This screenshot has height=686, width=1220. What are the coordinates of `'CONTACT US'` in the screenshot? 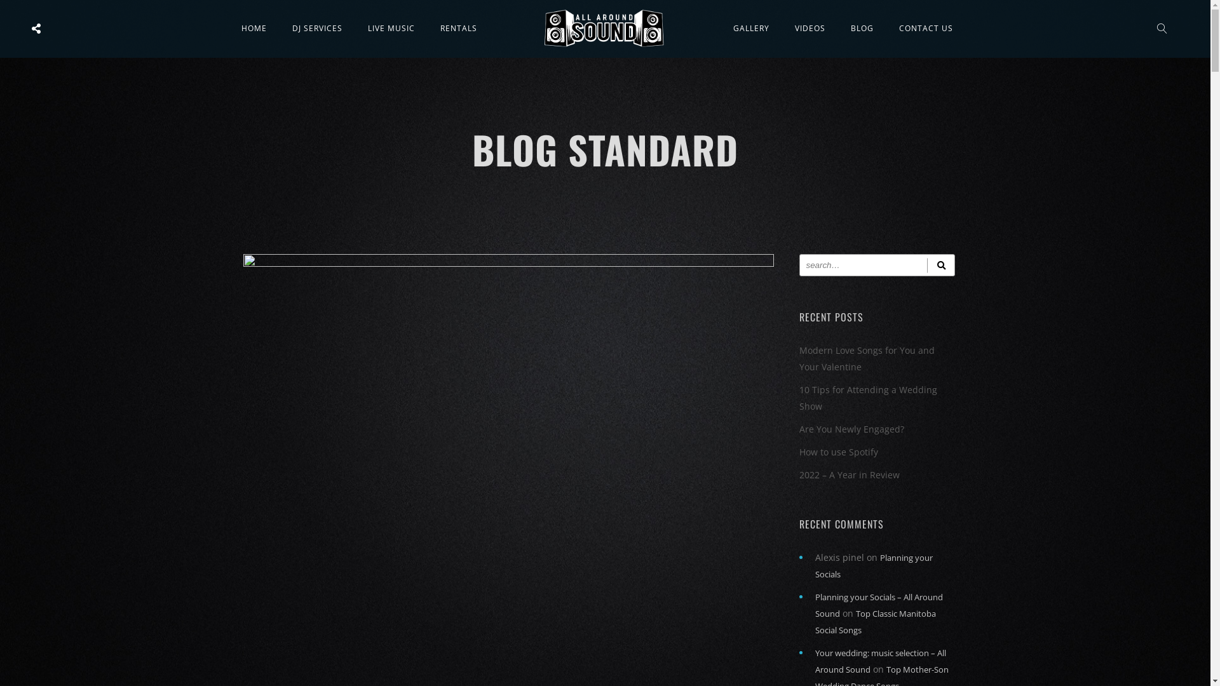 It's located at (886, 28).